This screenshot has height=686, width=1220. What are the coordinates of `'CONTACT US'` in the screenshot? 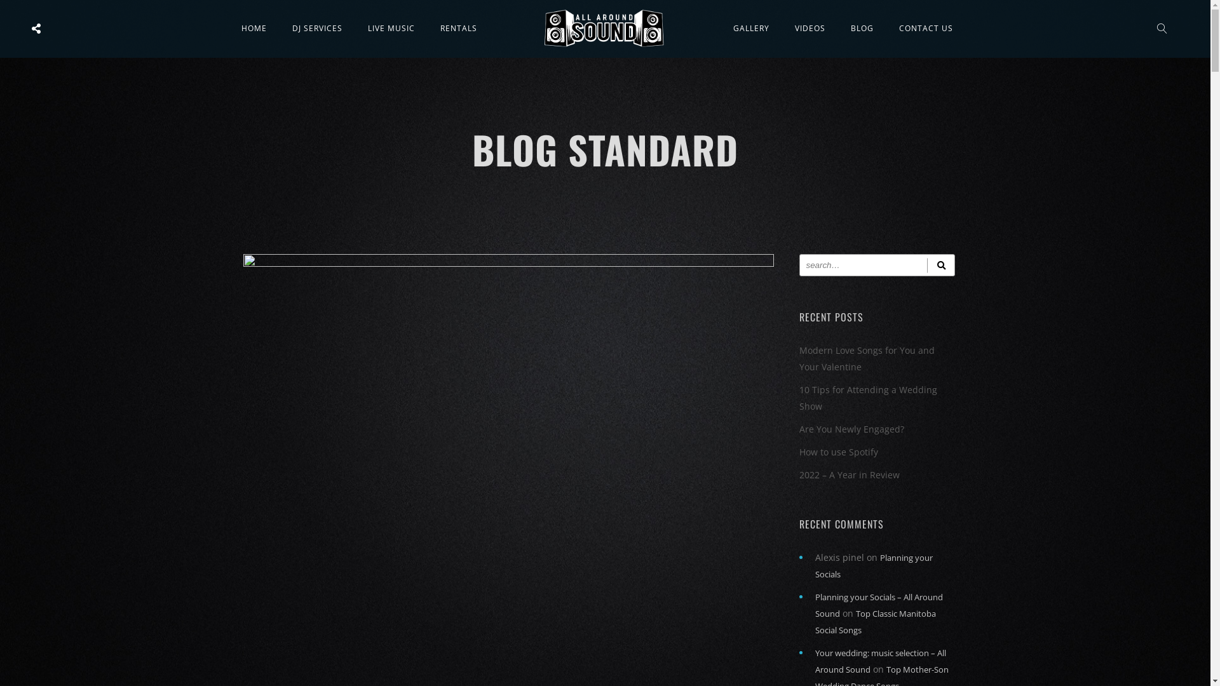 It's located at (886, 28).